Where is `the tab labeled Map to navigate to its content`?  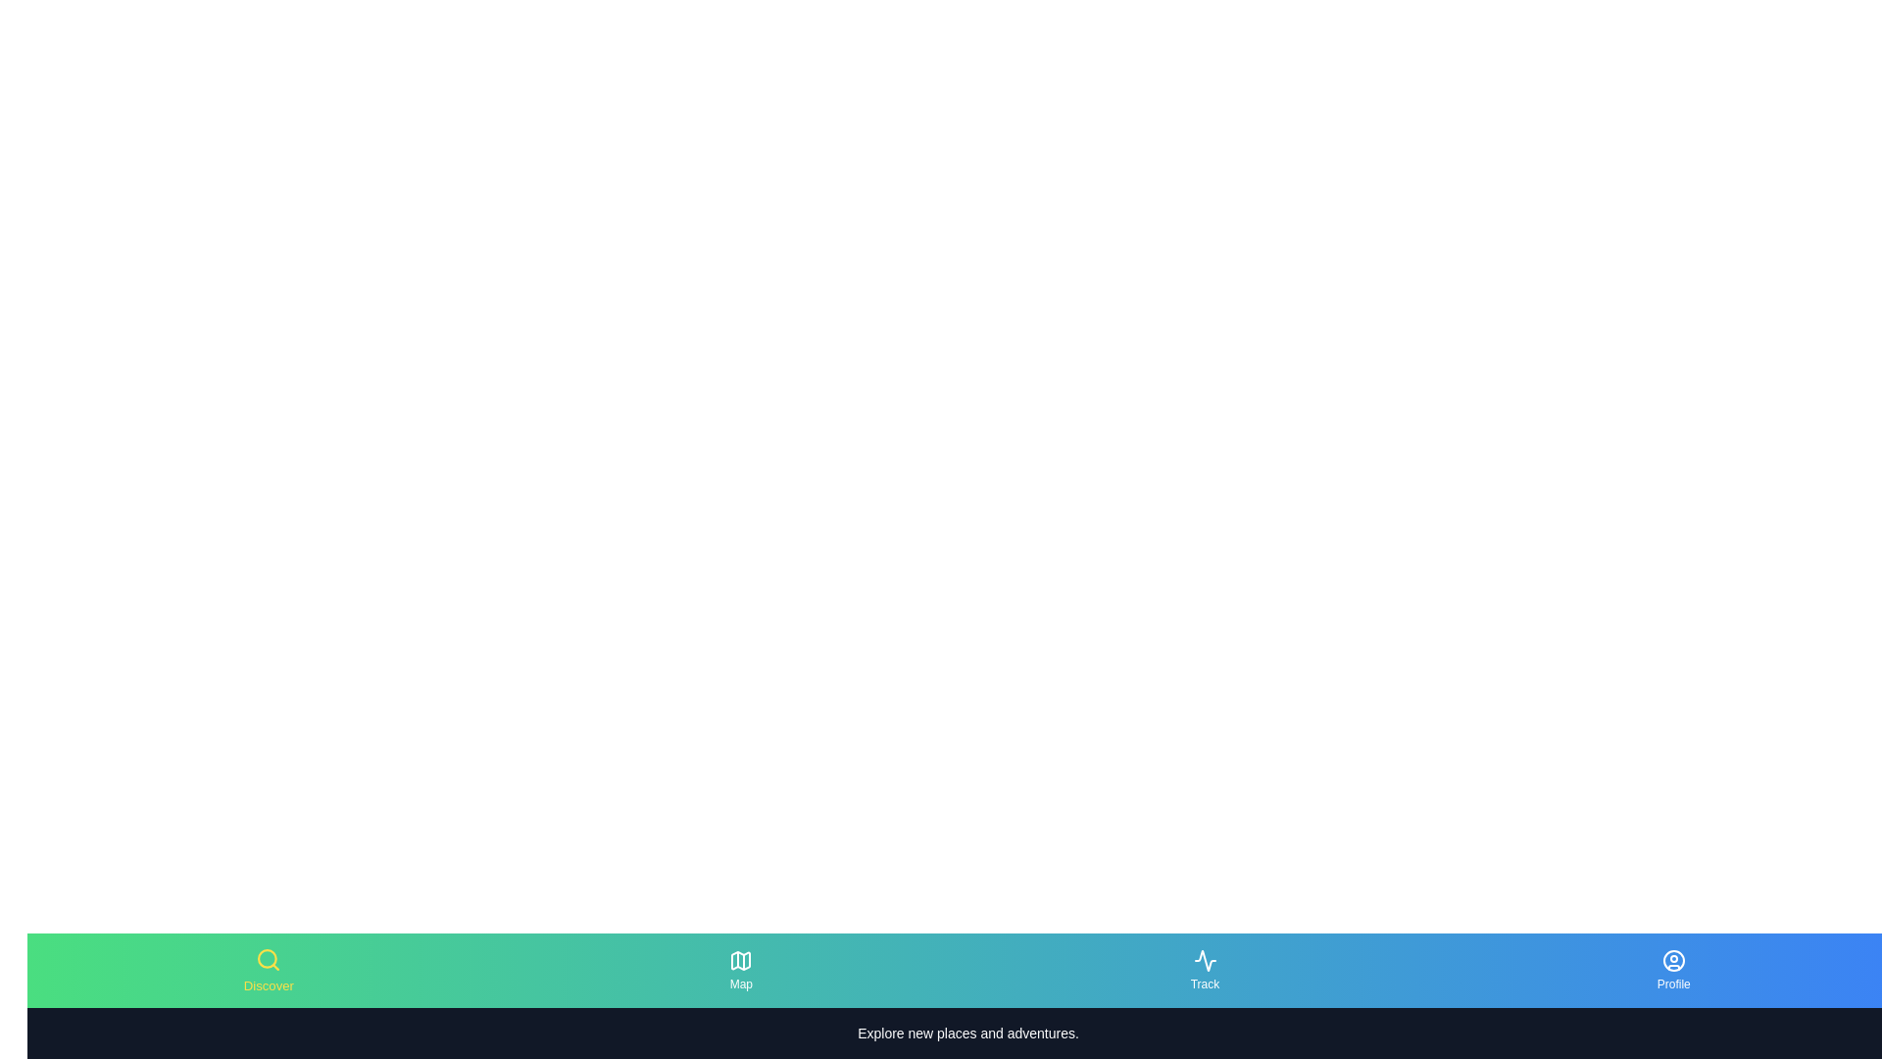
the tab labeled Map to navigate to its content is located at coordinates (739, 971).